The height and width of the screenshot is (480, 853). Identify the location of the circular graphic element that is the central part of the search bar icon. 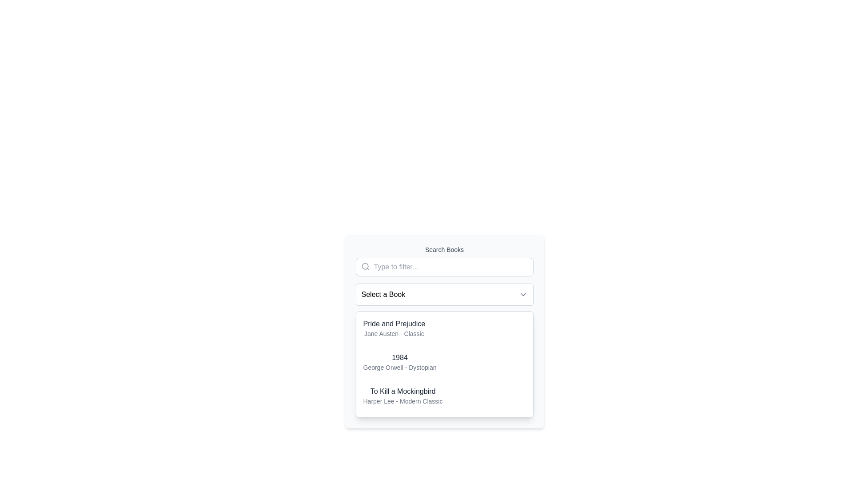
(365, 266).